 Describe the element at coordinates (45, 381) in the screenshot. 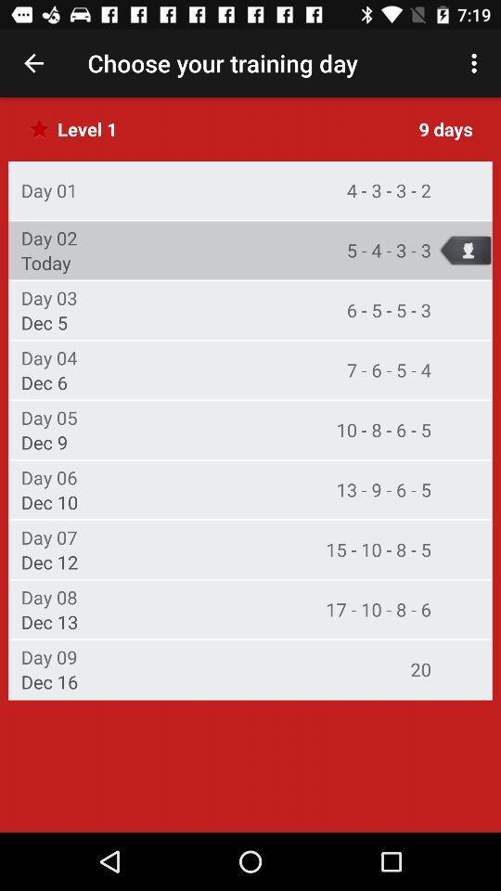

I see `icon below the day 04 icon` at that location.